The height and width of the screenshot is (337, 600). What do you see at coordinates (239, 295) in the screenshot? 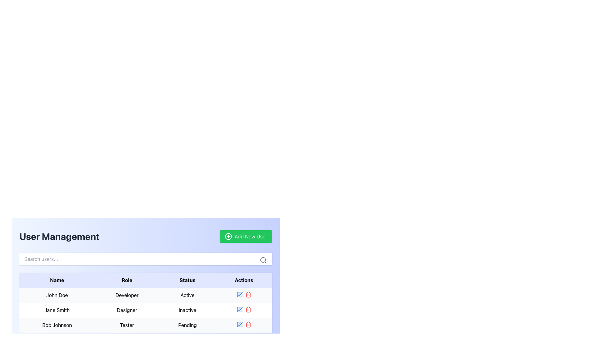
I see `the blue pen icon button located in the 'Actions' column of the first user entry in the table for keyboard navigation` at bounding box center [239, 295].